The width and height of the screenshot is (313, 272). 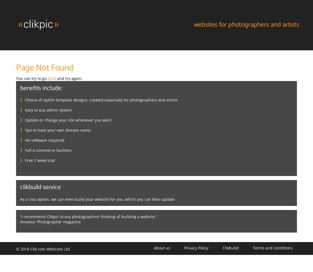 I want to click on 'Clikbuild service', so click(x=40, y=187).